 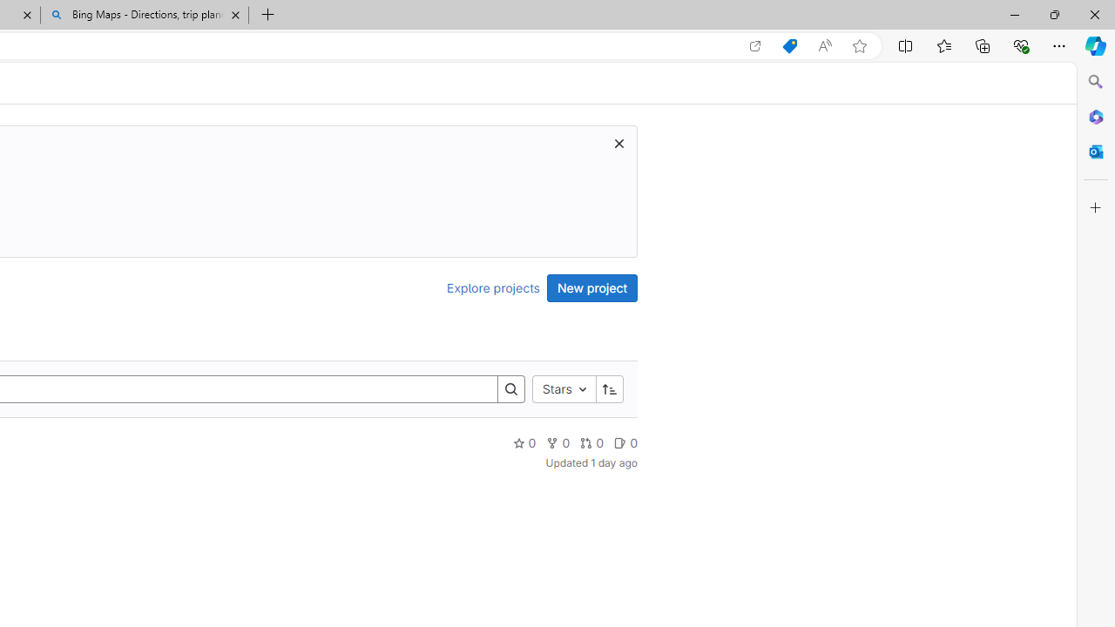 What do you see at coordinates (619, 142) in the screenshot?
I see `'Dismiss trial promotion'` at bounding box center [619, 142].